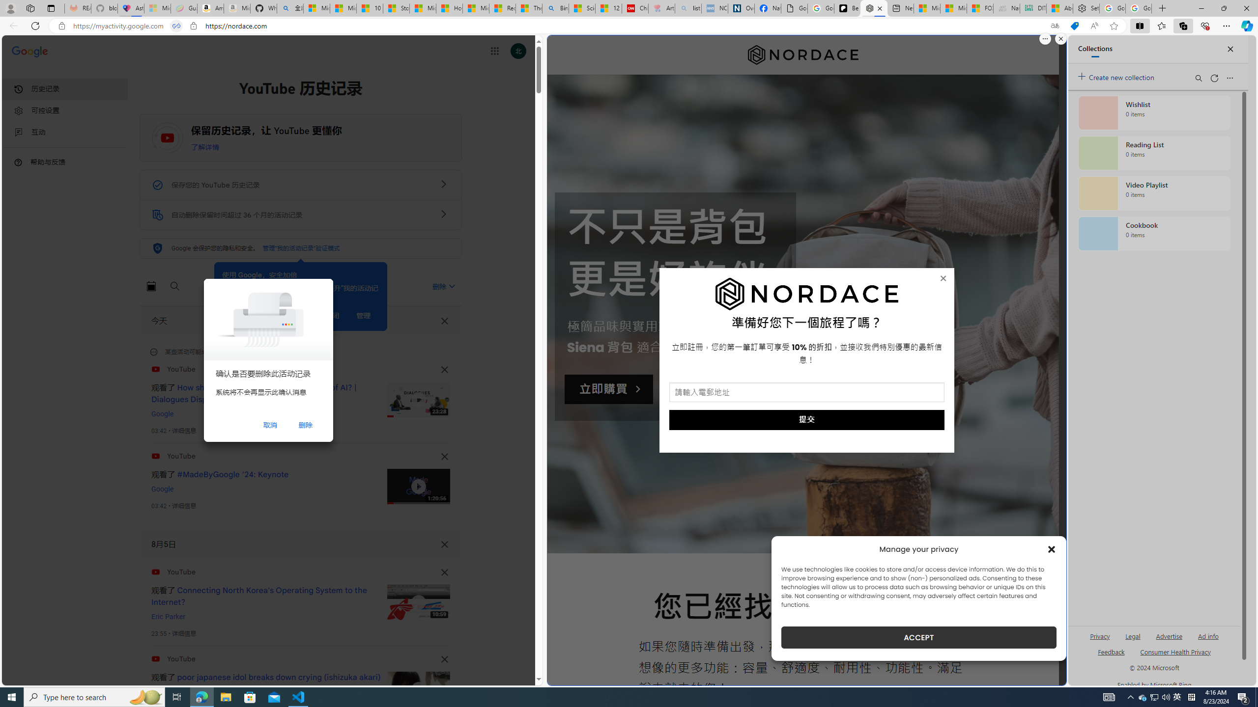 The height and width of the screenshot is (707, 1258). Describe the element at coordinates (919, 637) in the screenshot. I see `'ACCEPT'` at that location.